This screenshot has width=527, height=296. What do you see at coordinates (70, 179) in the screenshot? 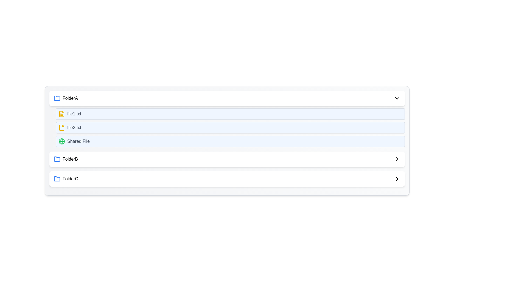
I see `the text label displaying 'FolderC', which is part of a folder management interface and positioned in the bottom row of a vertical list of folder entries` at bounding box center [70, 179].